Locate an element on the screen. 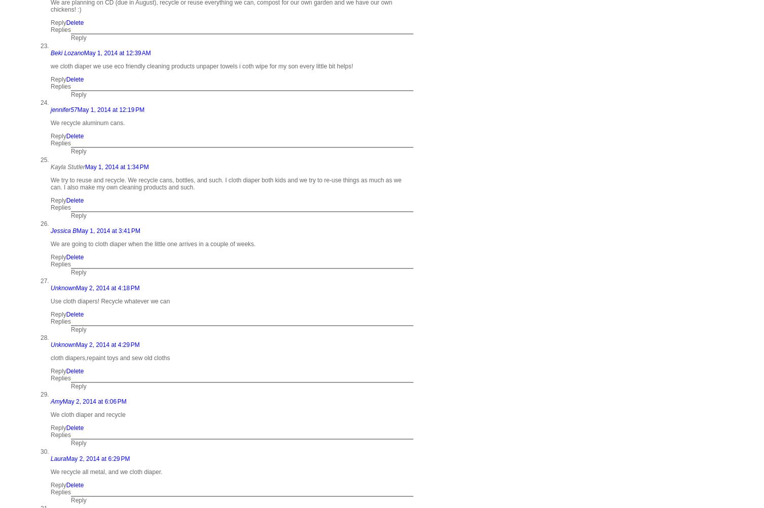 This screenshot has width=764, height=508. 'Jessica B' is located at coordinates (50, 230).